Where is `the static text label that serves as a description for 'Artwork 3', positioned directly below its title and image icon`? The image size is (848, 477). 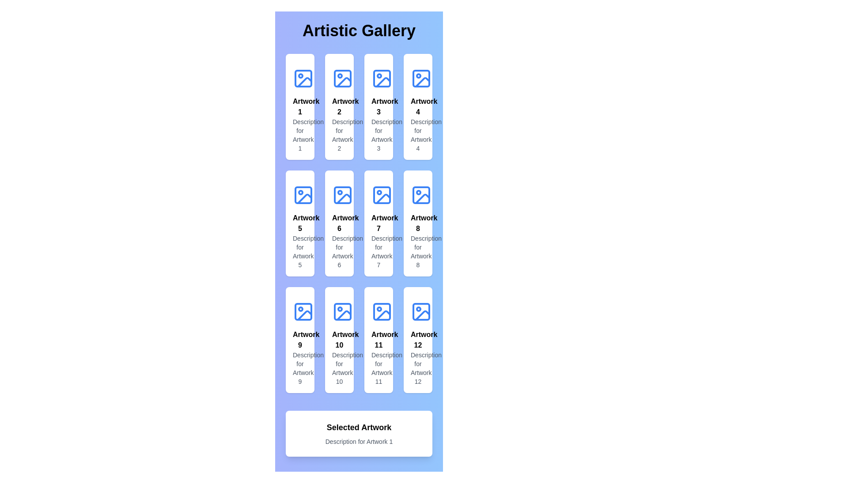 the static text label that serves as a description for 'Artwork 3', positioned directly below its title and image icon is located at coordinates (379, 135).